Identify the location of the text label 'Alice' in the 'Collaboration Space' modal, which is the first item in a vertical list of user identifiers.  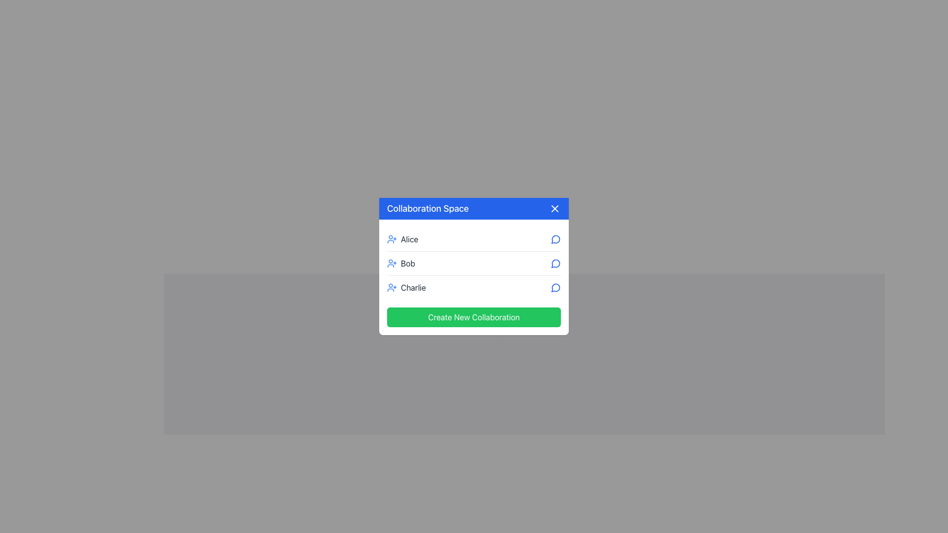
(402, 239).